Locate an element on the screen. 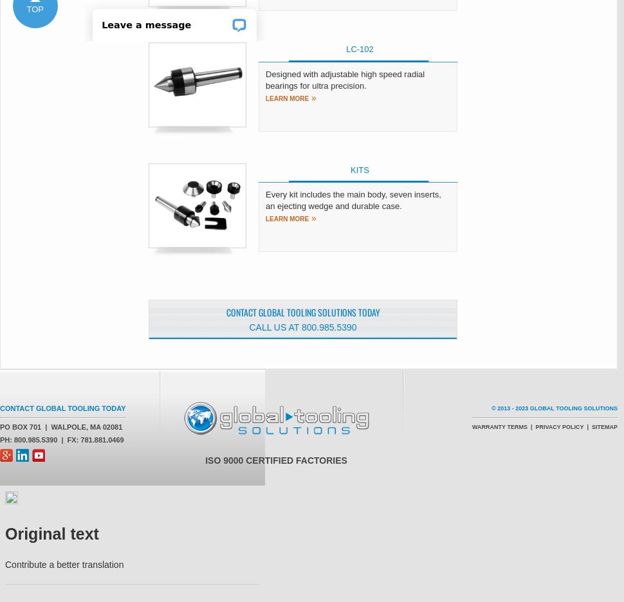 The height and width of the screenshot is (602, 624). 'Original text' is located at coordinates (51, 534).